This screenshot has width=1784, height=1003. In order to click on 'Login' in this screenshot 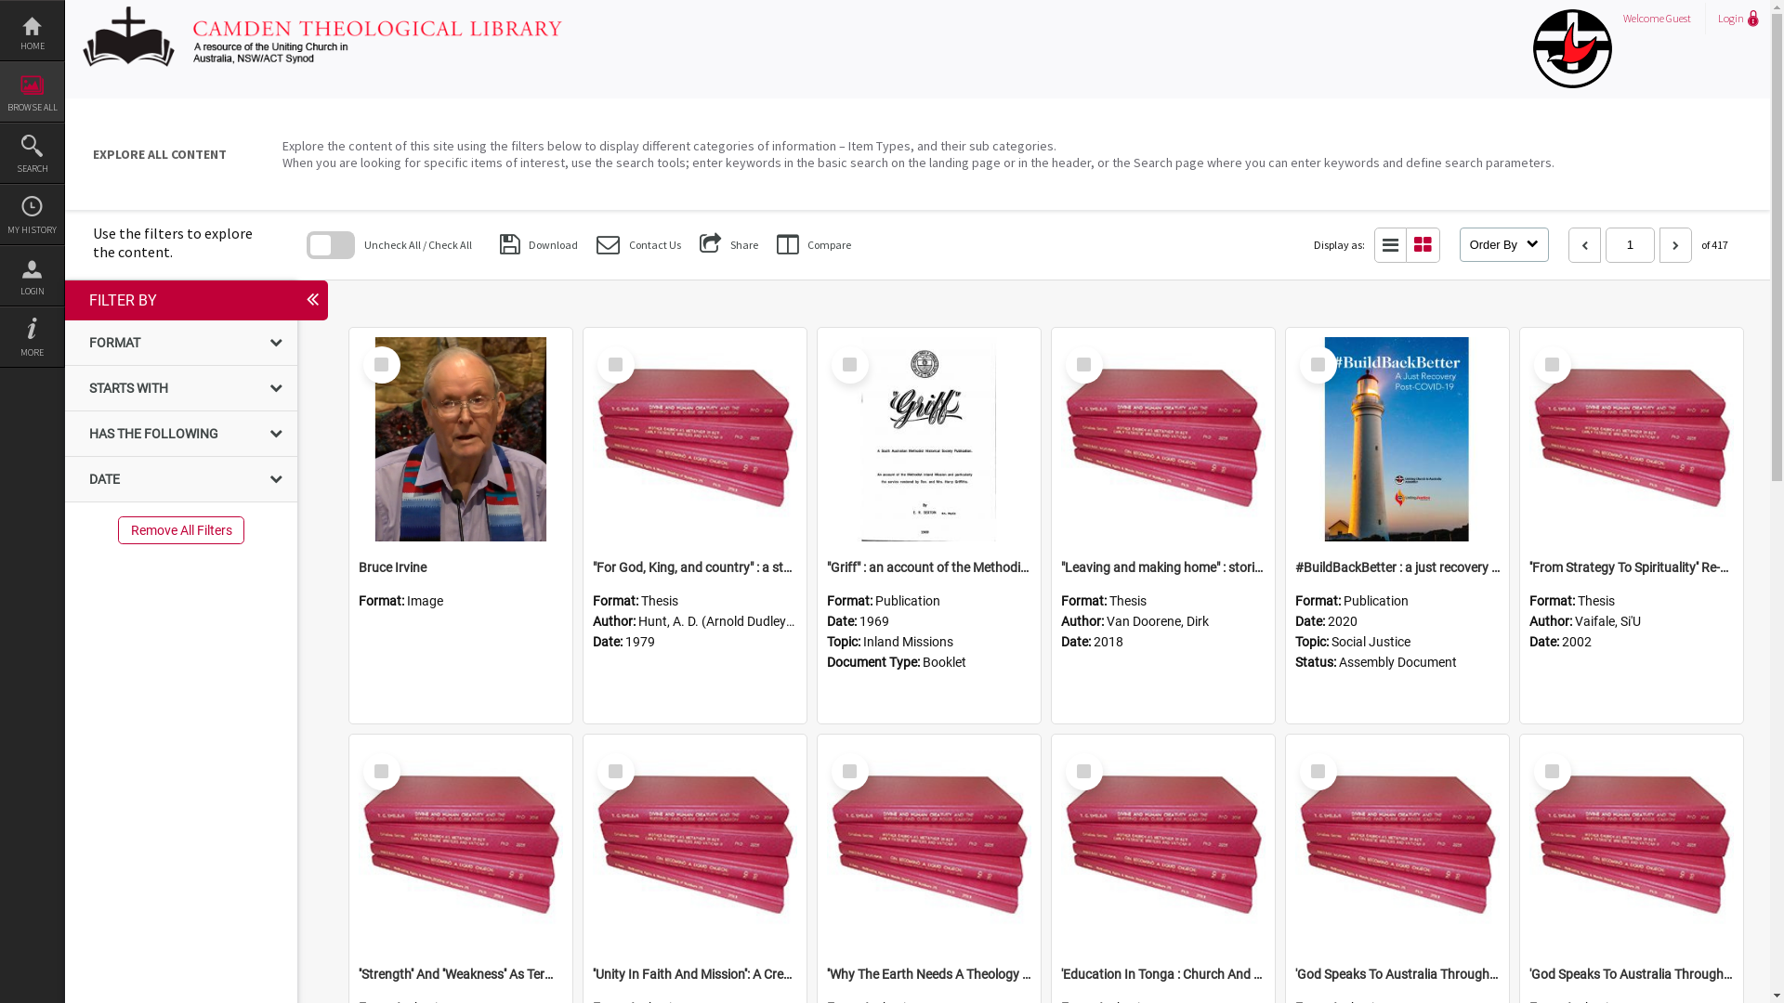, I will do `click(1734, 18)`.